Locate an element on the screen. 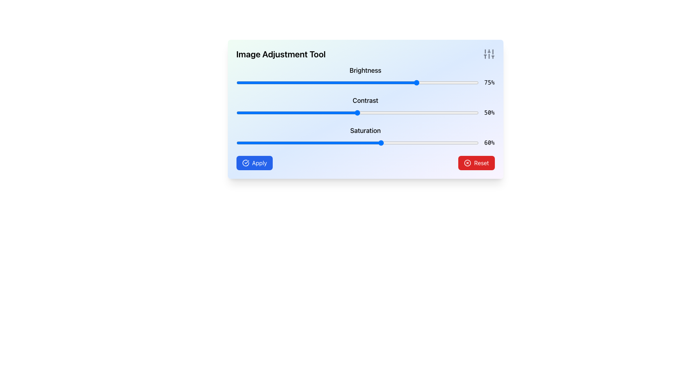 The image size is (689, 387). the 'Brightness' slider is located at coordinates (365, 76).